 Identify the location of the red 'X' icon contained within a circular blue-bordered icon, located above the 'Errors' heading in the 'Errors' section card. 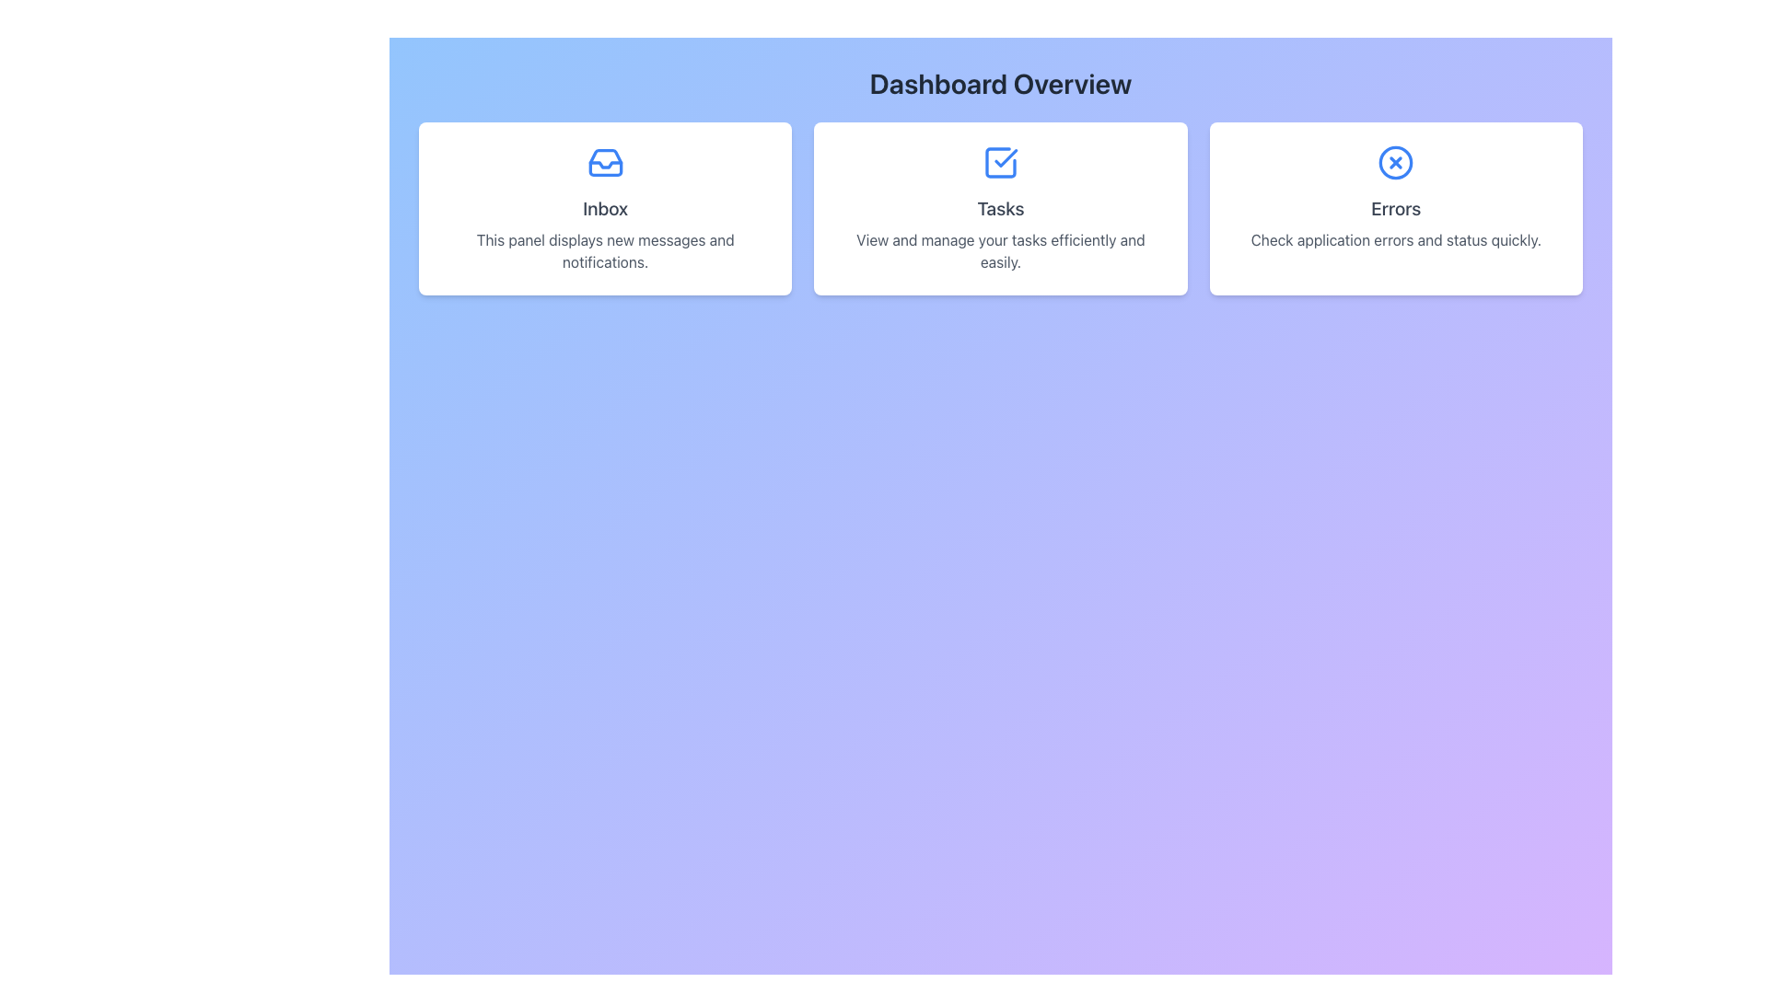
(1396, 162).